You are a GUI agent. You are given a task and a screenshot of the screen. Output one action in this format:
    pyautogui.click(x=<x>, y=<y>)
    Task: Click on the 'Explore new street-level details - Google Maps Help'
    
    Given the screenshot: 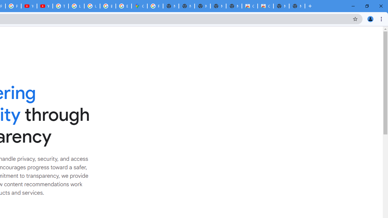 What is the action you would take?
    pyautogui.click(x=123, y=6)
    